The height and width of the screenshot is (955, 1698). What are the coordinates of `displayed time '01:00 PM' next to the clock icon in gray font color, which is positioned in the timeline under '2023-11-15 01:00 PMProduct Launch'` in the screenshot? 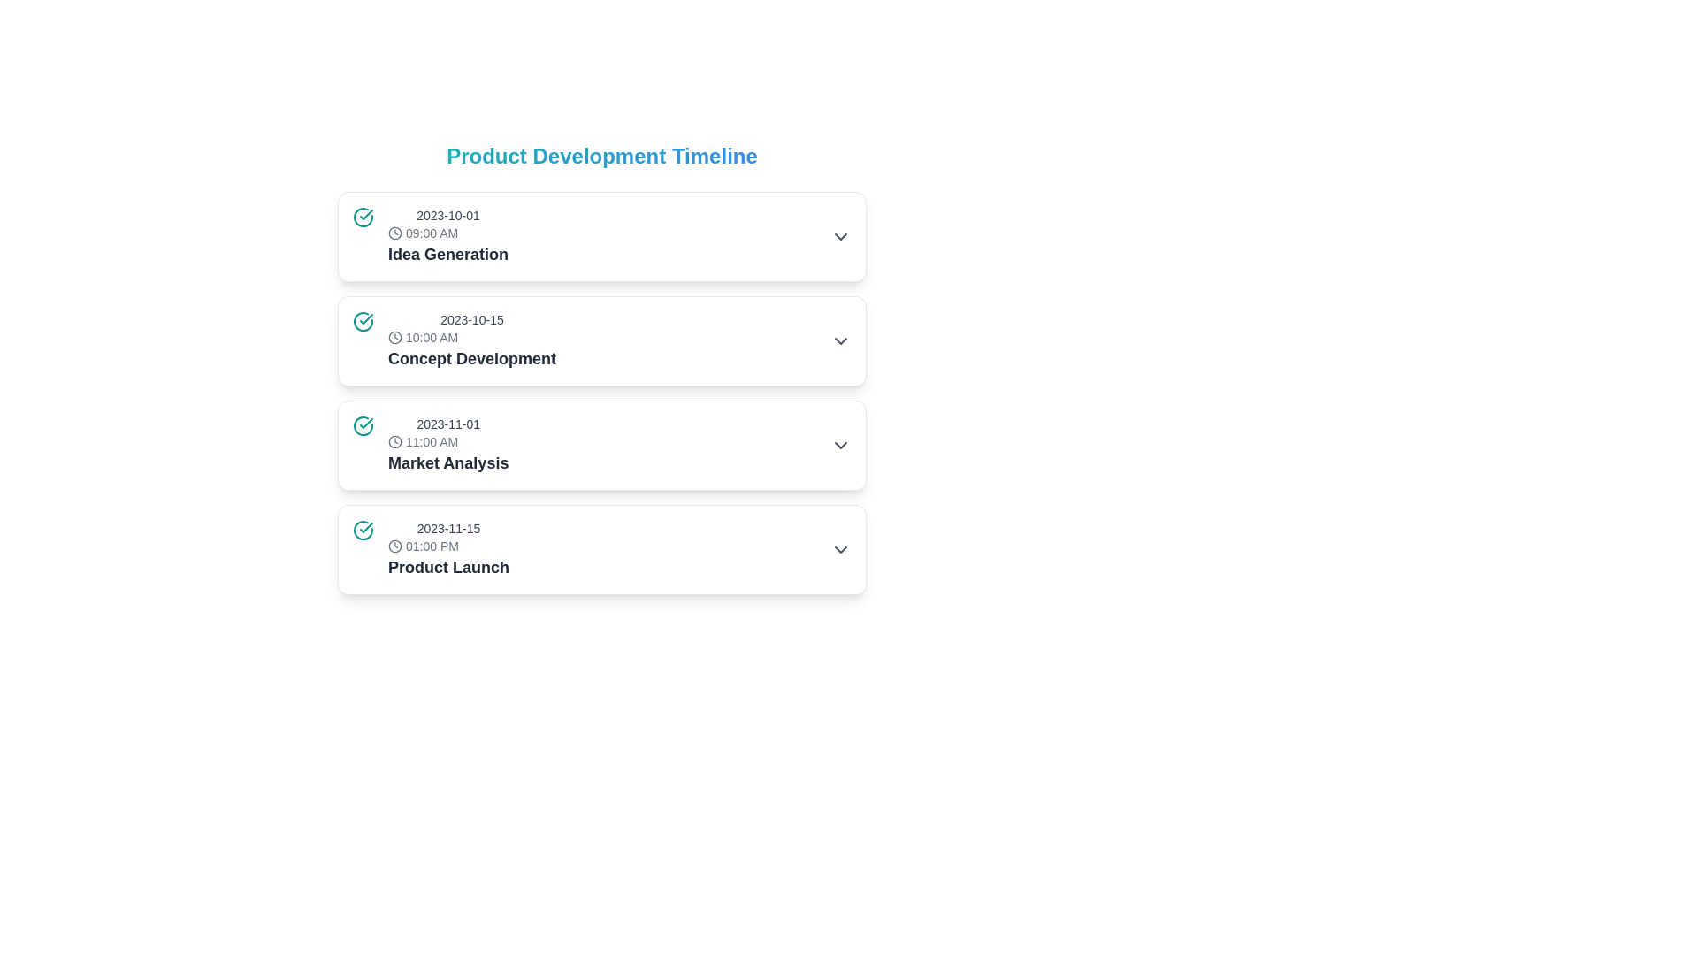 It's located at (448, 545).